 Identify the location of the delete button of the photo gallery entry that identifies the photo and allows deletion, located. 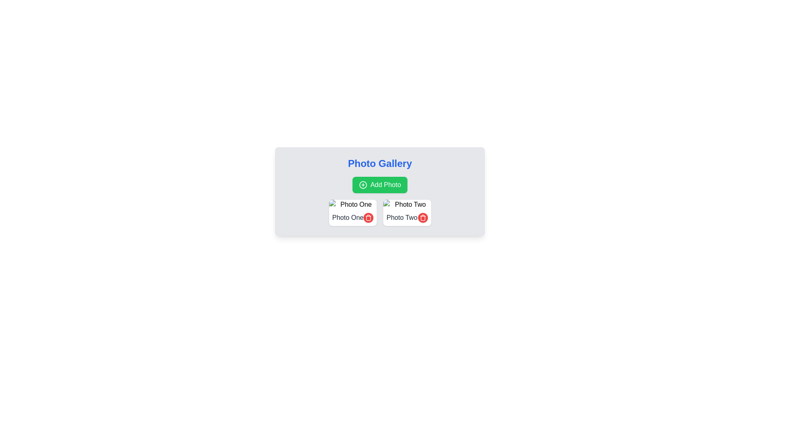
(407, 212).